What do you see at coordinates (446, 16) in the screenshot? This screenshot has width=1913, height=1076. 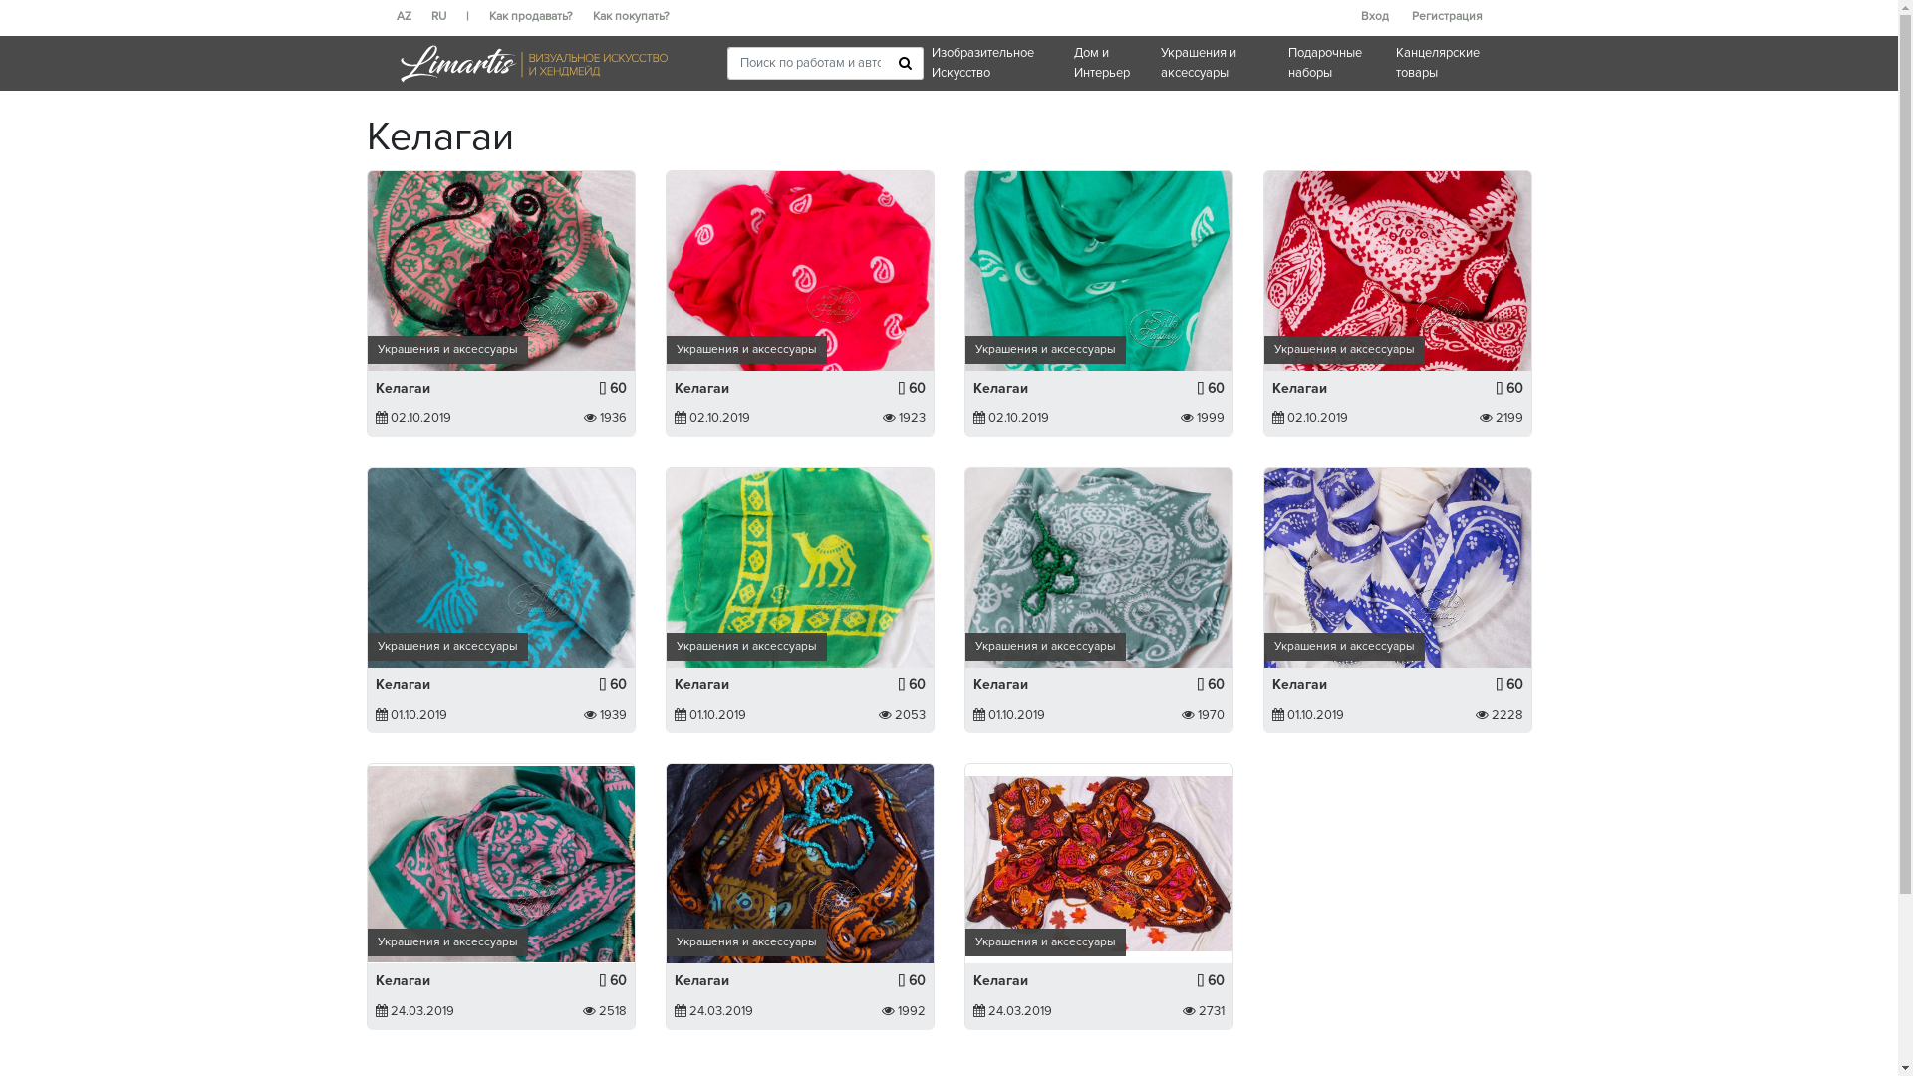 I see `'RU'` at bounding box center [446, 16].